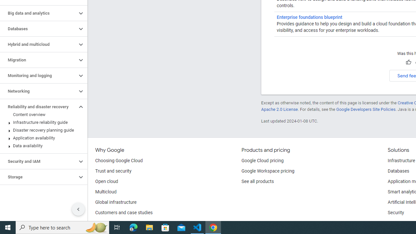  Describe the element at coordinates (78, 209) in the screenshot. I see `'Hide side navigation'` at that location.